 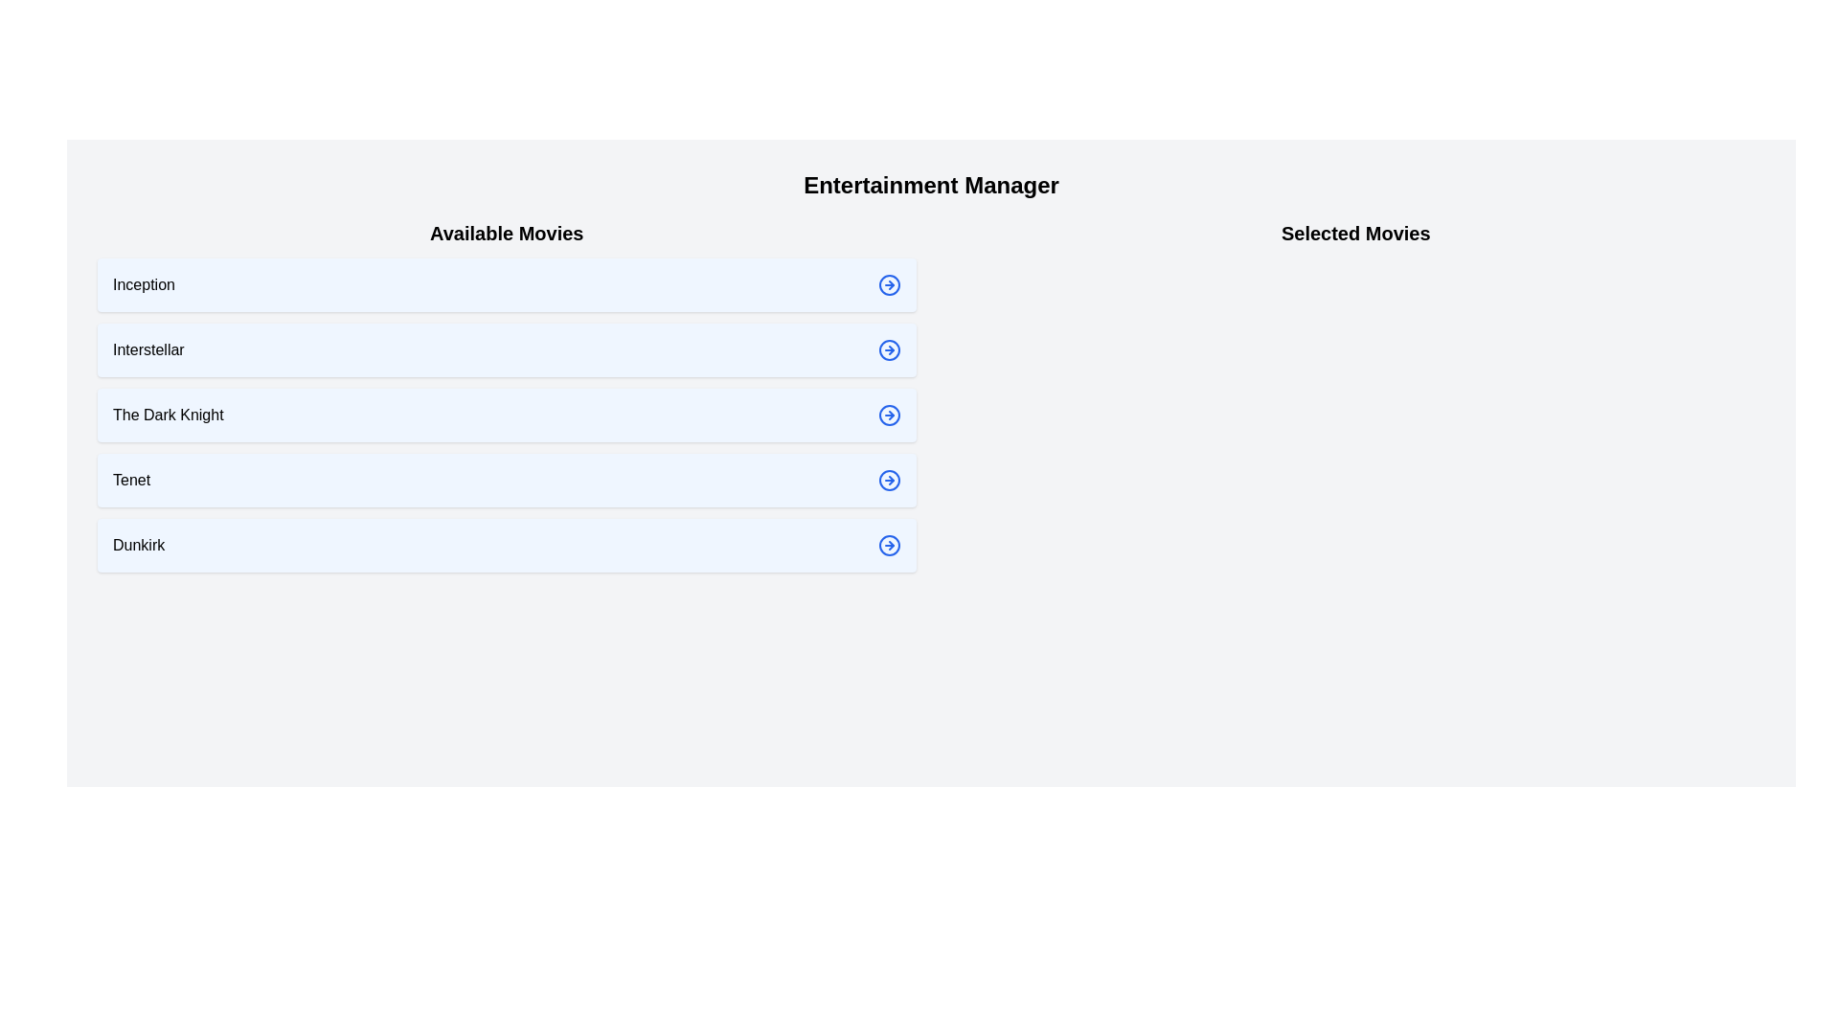 I want to click on the arrow icon next to the movie Interstellar to select it, so click(x=888, y=350).